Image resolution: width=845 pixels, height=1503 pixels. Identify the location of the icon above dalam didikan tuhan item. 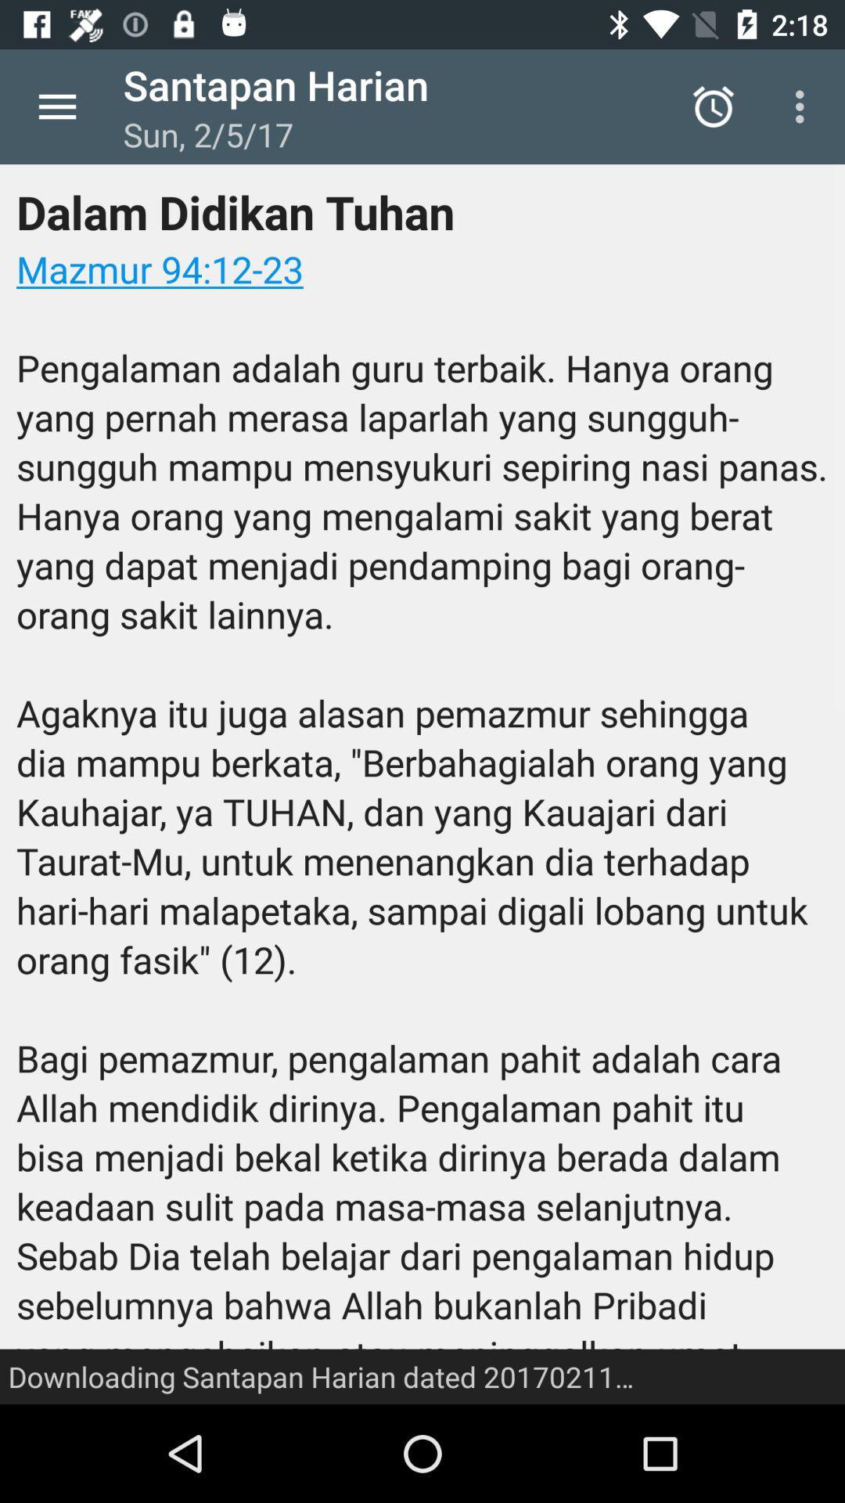
(804, 106).